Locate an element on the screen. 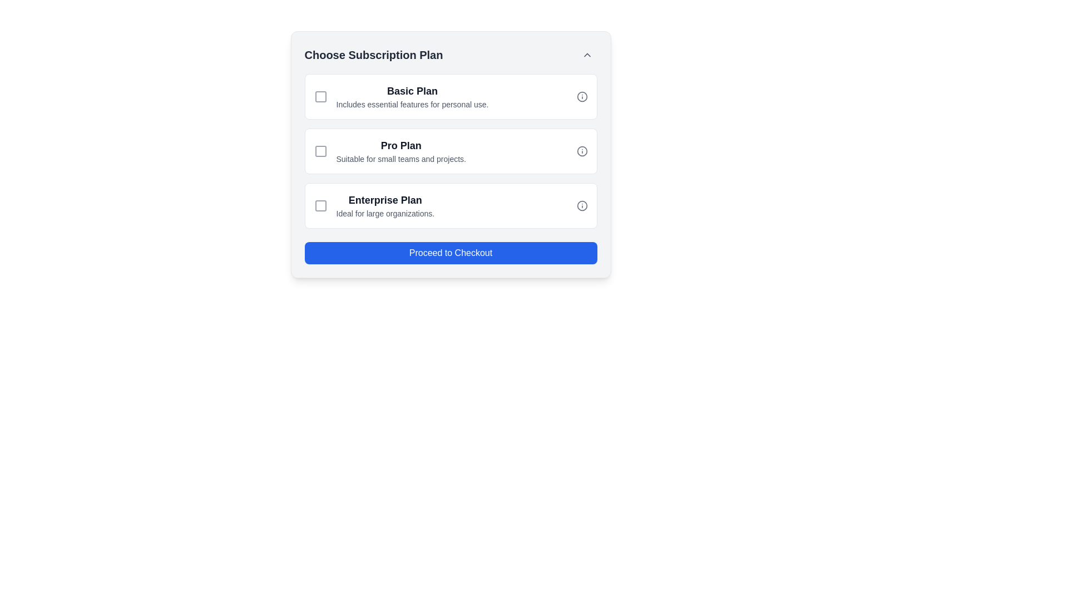 The width and height of the screenshot is (1068, 601). the Icon component (circle outline) located within the third subscription plan option (Enterprise Plan) aligned to the right edge of its description text is located at coordinates (581, 206).